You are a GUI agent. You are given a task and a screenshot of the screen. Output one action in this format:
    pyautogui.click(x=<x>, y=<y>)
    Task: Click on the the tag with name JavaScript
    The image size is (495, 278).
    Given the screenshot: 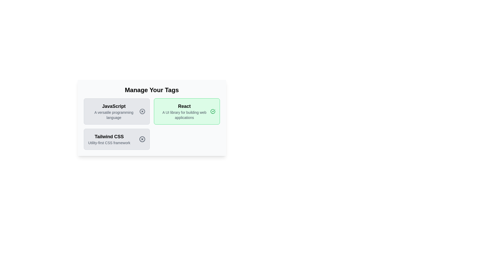 What is the action you would take?
    pyautogui.click(x=116, y=111)
    